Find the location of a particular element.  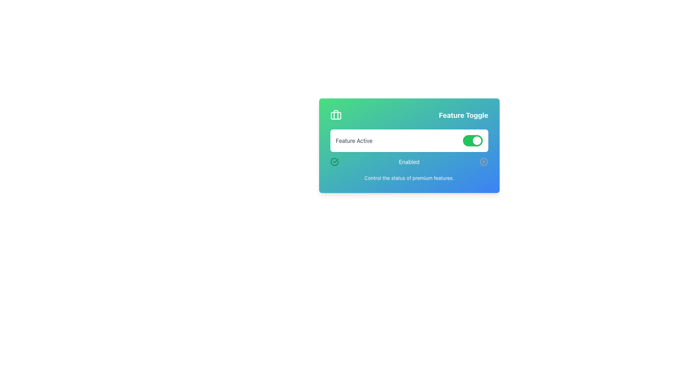

the briefcase icon that represents the 'Feature Toggle' section located on the left side of the header bar labeled 'Feature Toggle' is located at coordinates (335, 115).